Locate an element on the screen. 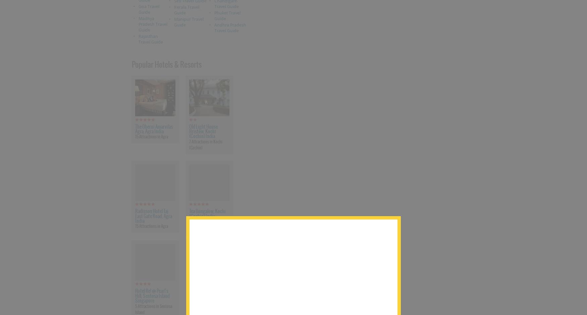 The image size is (587, 315). 'Old Light House Bristow, Kochi (Cochin) India' is located at coordinates (203, 131).